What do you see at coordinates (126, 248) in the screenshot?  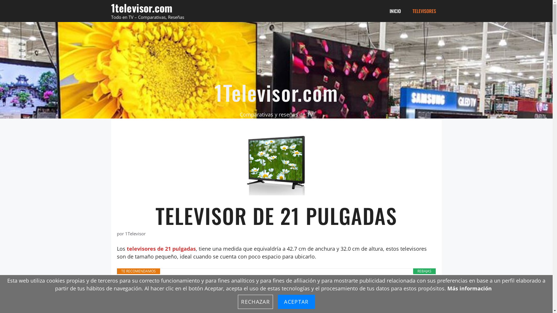 I see `'televisores de 21 pulgadas'` at bounding box center [126, 248].